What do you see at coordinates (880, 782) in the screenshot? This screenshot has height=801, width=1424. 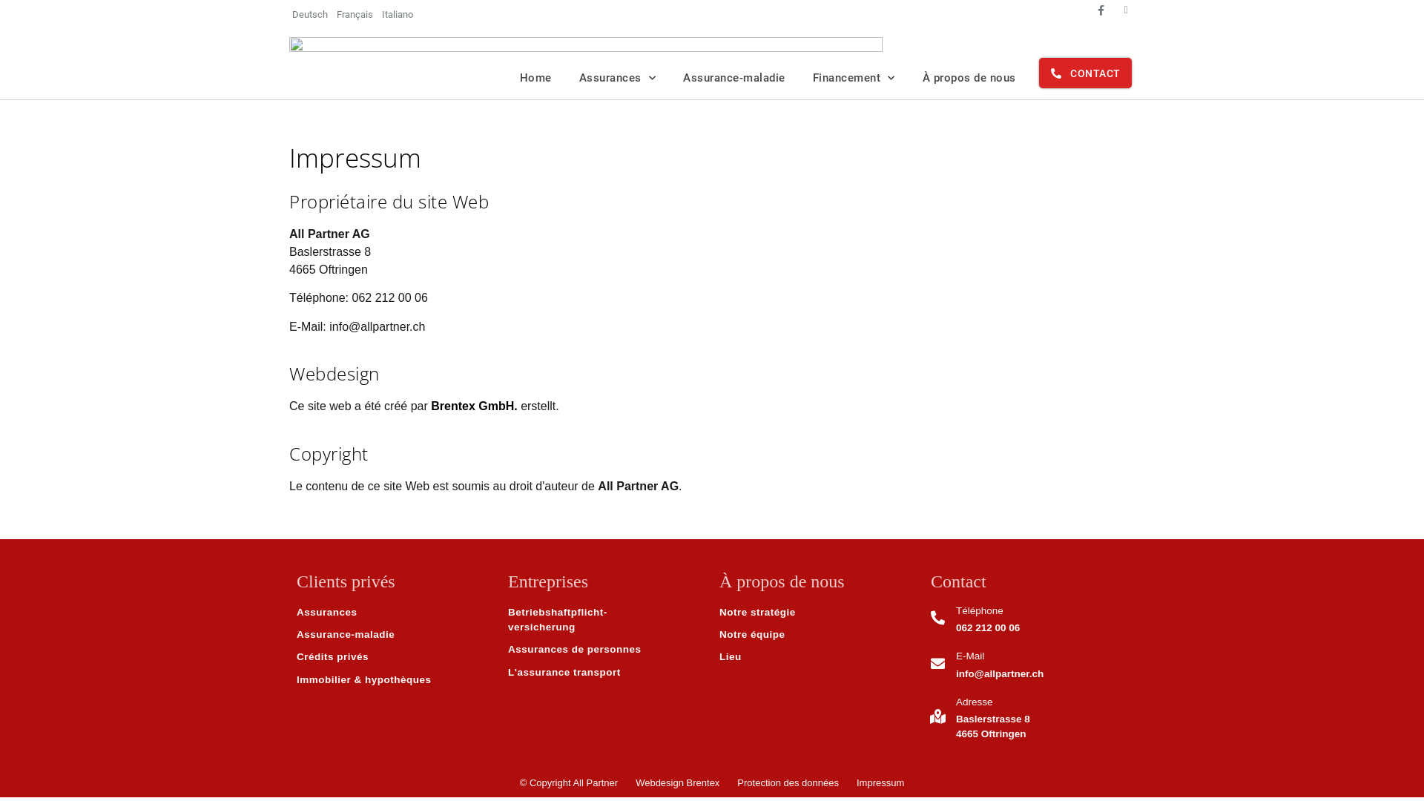 I see `'Impressum'` at bounding box center [880, 782].